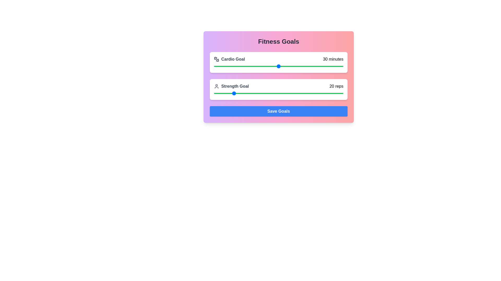 This screenshot has height=281, width=501. Describe the element at coordinates (278, 111) in the screenshot. I see `the 'Save Goals' button, which is a rectangular button with a blue background and white bold text, located at the bottom of the fitness goal sliders layout` at that location.